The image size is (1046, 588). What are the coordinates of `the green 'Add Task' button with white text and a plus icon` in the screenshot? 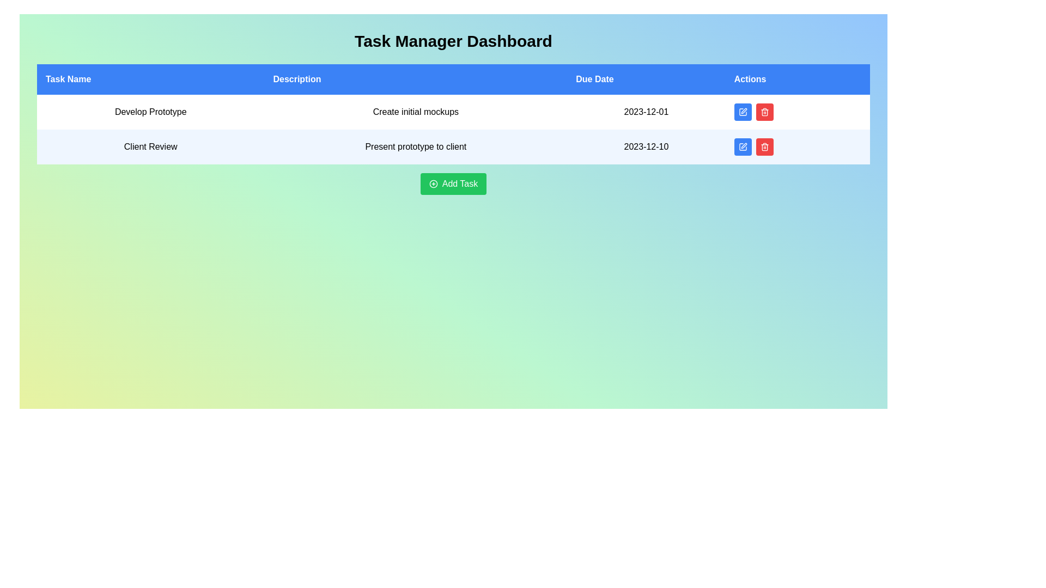 It's located at (453, 183).